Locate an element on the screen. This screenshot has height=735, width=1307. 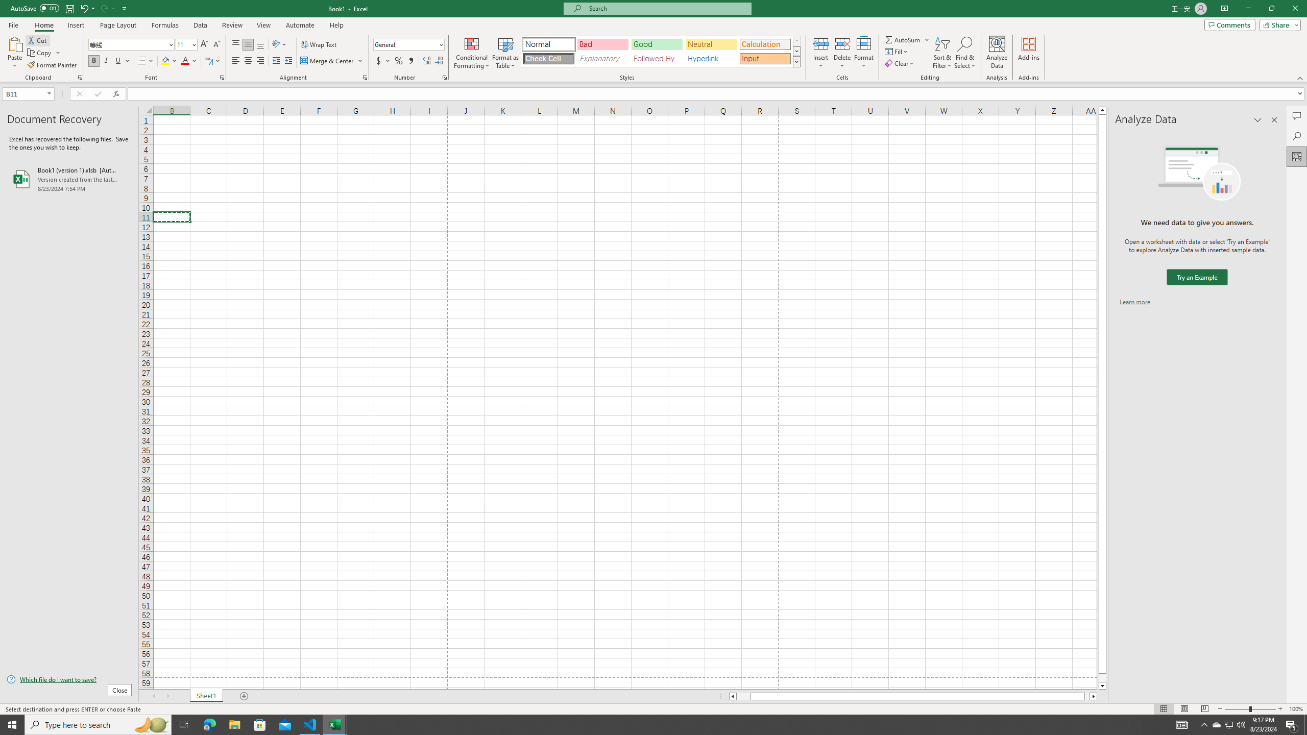
'Accounting Number Format' is located at coordinates (383, 60).